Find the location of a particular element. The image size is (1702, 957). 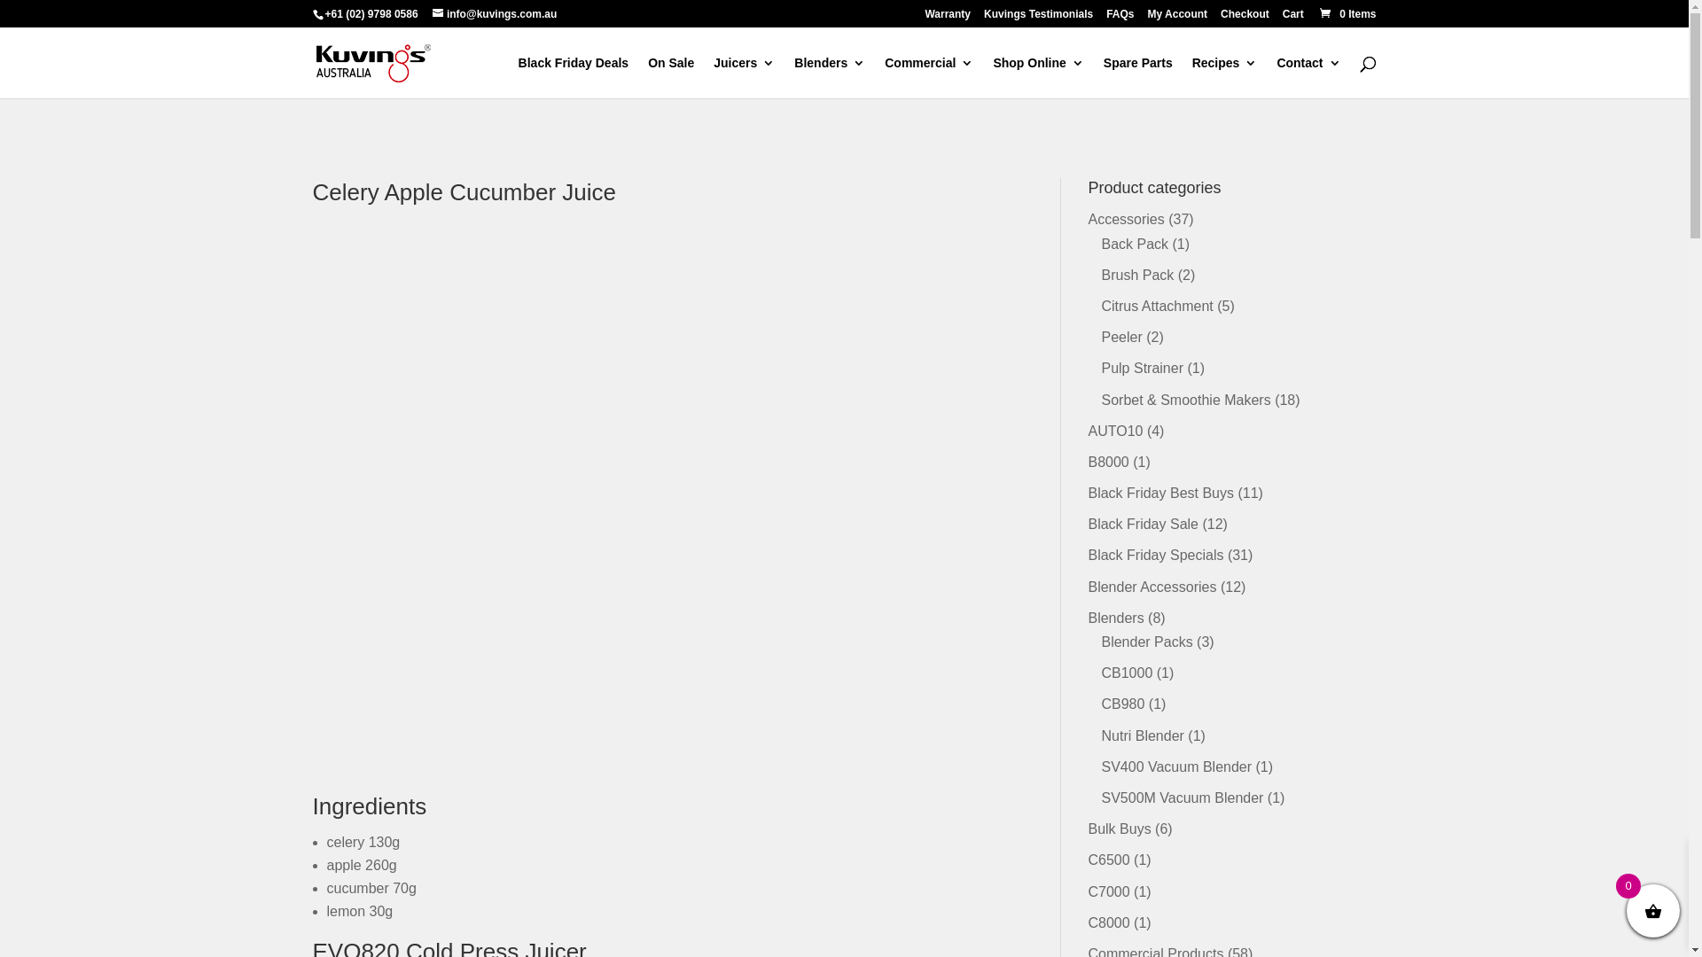

'B8000' is located at coordinates (1106, 461).